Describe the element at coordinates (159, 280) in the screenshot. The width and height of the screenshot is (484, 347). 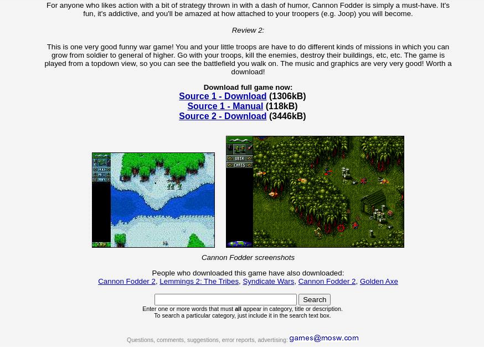
I see `'Lemmings 2: The Tribes'` at that location.